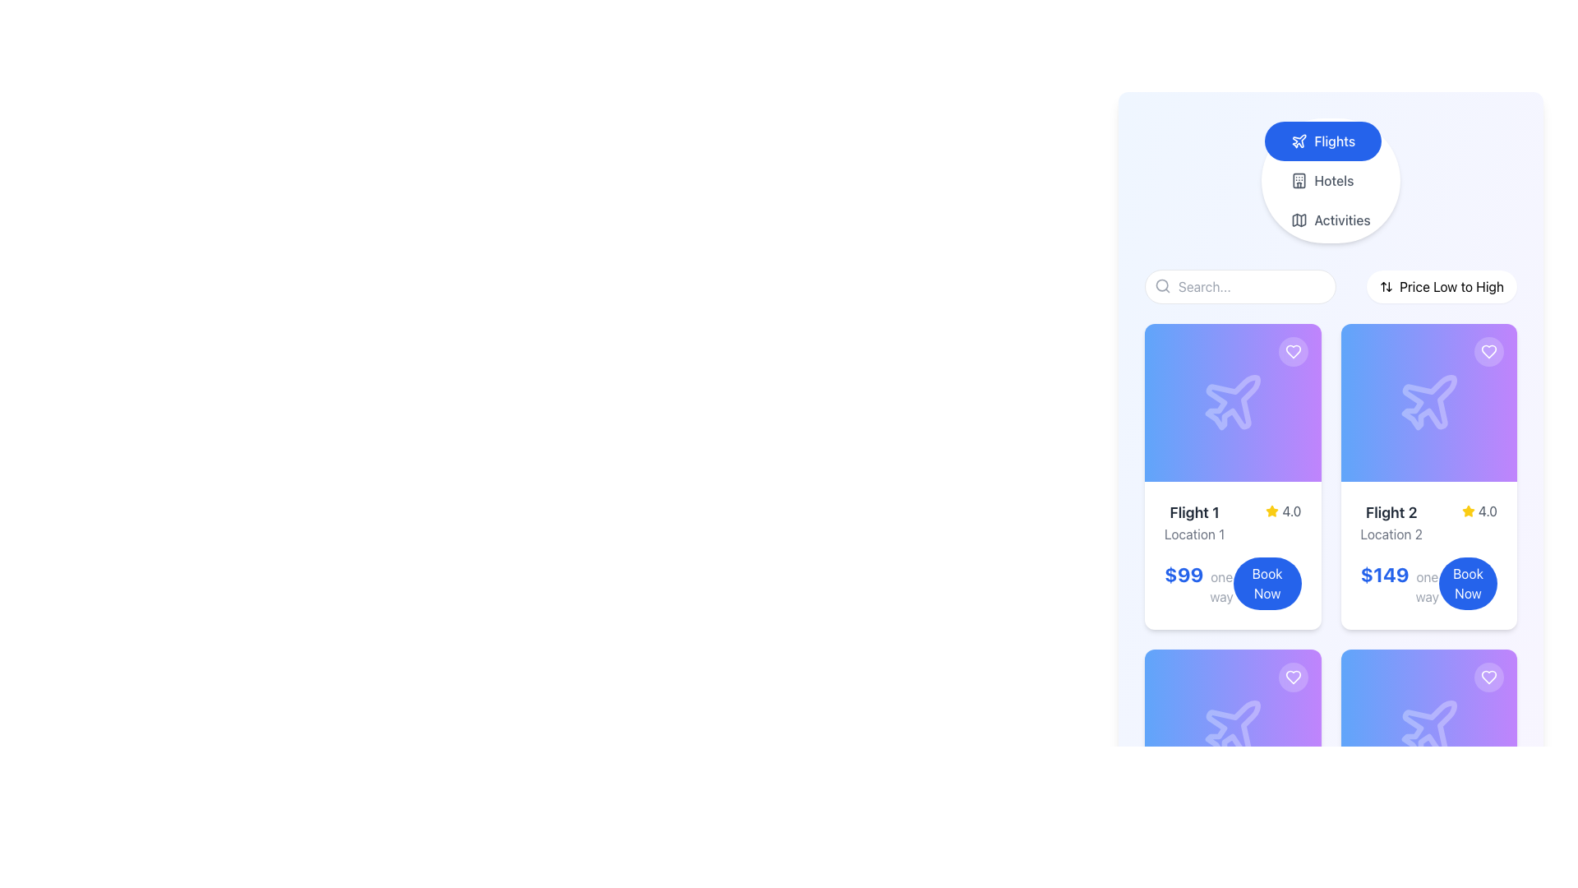  Describe the element at coordinates (1335, 141) in the screenshot. I see `the 'Flights' text label within the navigation button` at that location.